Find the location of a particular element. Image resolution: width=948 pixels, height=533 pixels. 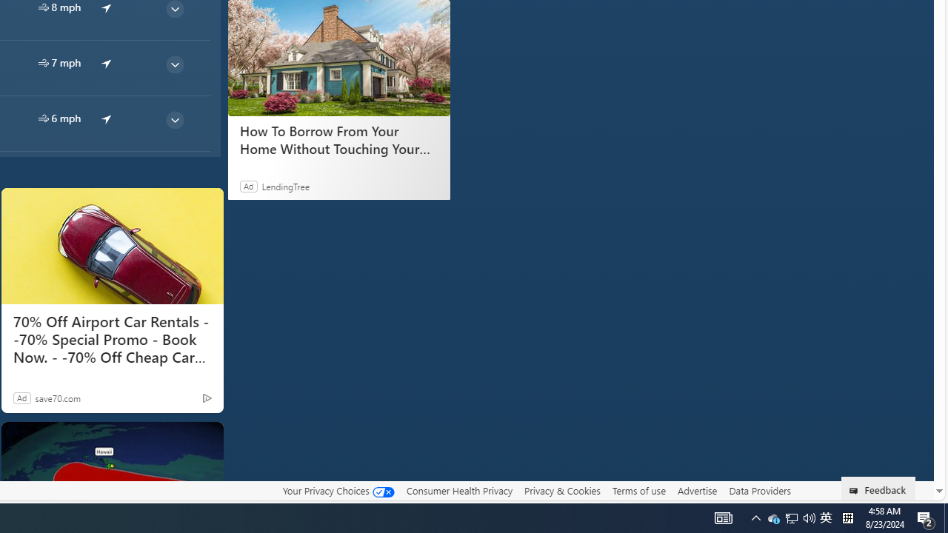

'LendingTree' is located at coordinates (285, 185).